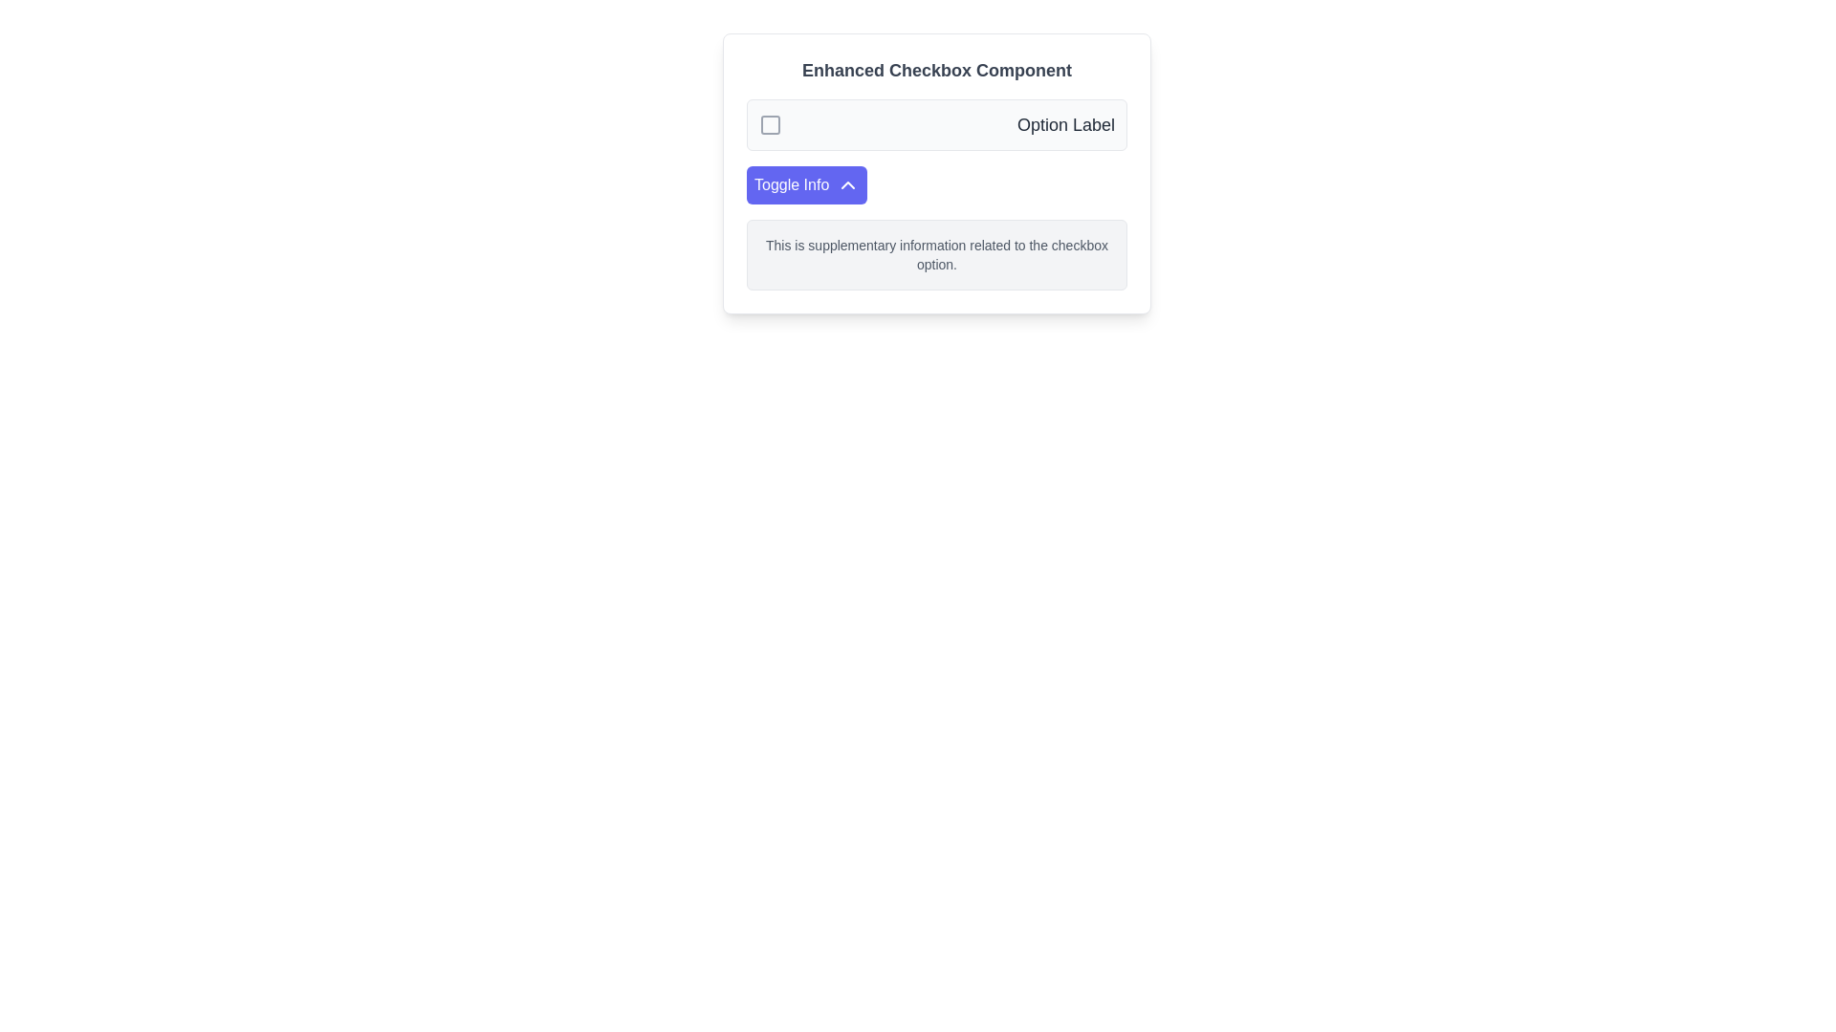  Describe the element at coordinates (847, 184) in the screenshot. I see `the blue button labeled 'Toggle Info' that contains the upward-pointing chevron icon on its right side` at that location.